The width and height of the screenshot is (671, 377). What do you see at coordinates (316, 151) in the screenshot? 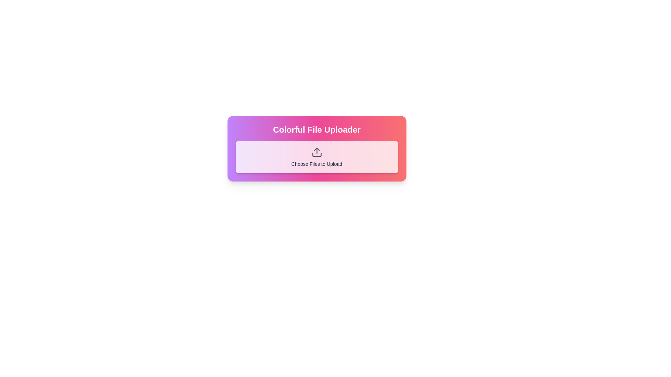
I see `the upload icon within the 'Choose Files to Upload' card, which visually indicates the upload functionality` at bounding box center [316, 151].